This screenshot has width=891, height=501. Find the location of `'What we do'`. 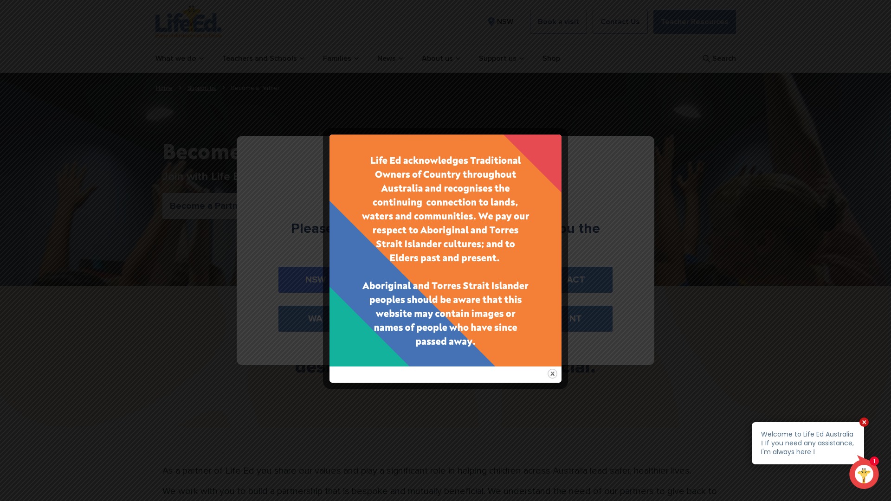

'What we do' is located at coordinates (179, 58).